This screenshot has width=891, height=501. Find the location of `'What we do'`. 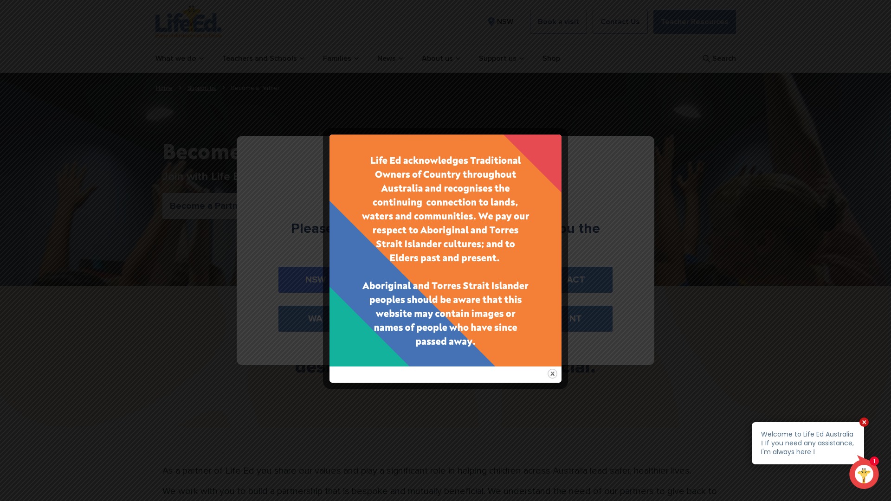

'What we do' is located at coordinates (179, 58).